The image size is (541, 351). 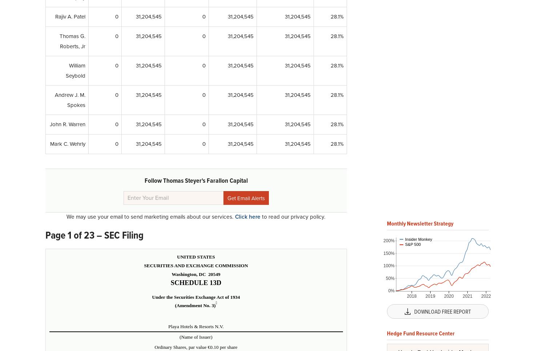 I want to click on 'Follow Thomas Steyer's Farallon Capital', so click(x=144, y=181).